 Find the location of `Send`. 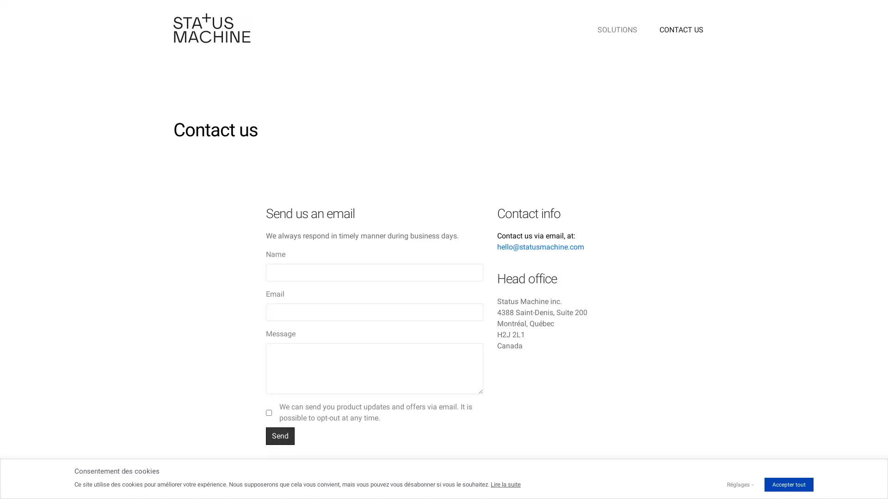

Send is located at coordinates (279, 436).